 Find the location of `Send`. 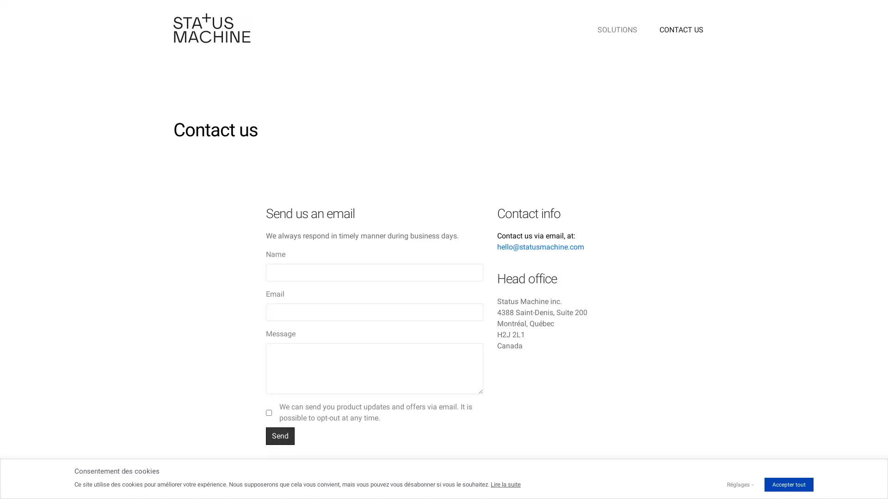

Send is located at coordinates (279, 436).